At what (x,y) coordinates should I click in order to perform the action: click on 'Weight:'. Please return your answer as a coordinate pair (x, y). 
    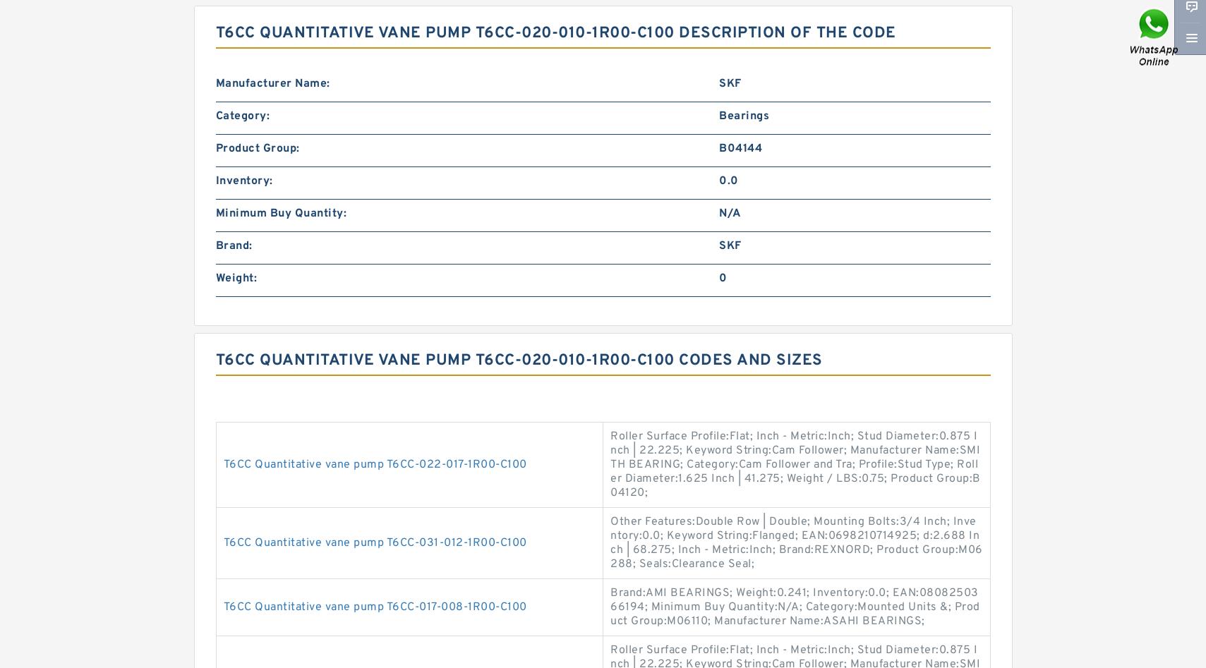
    Looking at the image, I should click on (235, 278).